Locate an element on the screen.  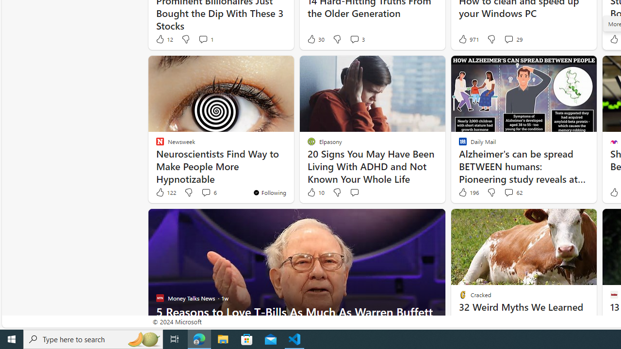
'122 Like' is located at coordinates (165, 192).